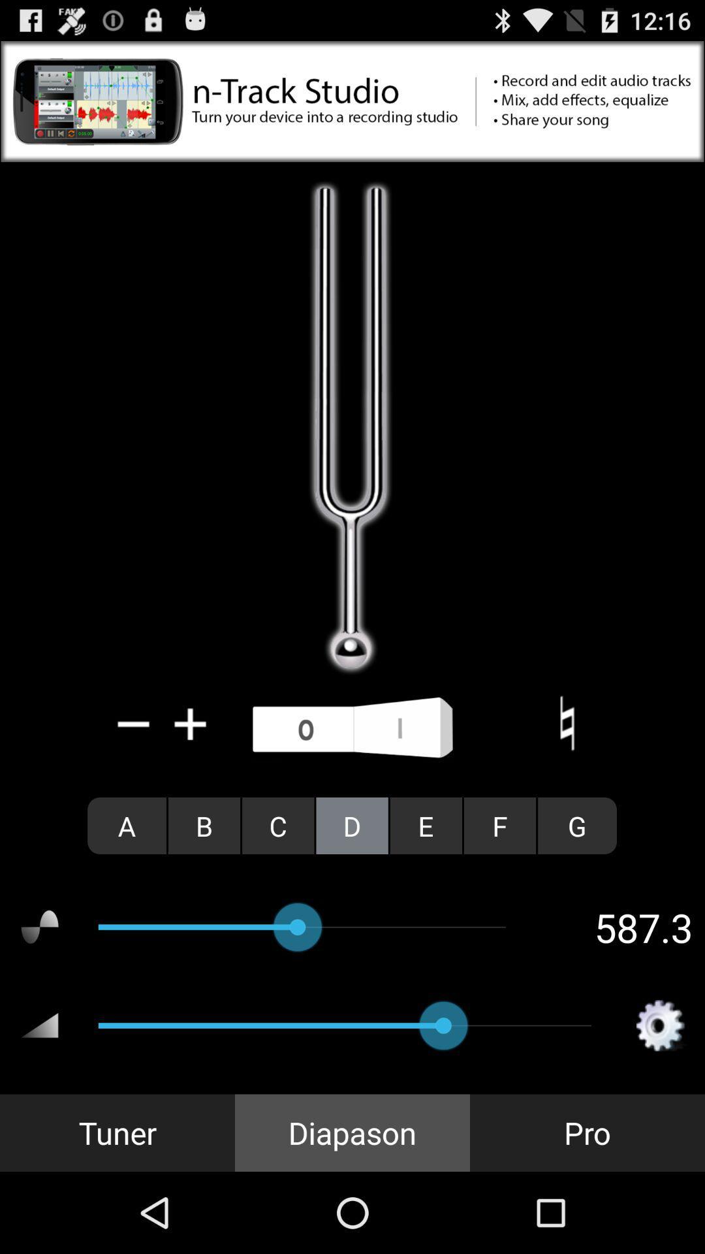 This screenshot has width=705, height=1254. What do you see at coordinates (426, 825) in the screenshot?
I see `item to the right of the d` at bounding box center [426, 825].